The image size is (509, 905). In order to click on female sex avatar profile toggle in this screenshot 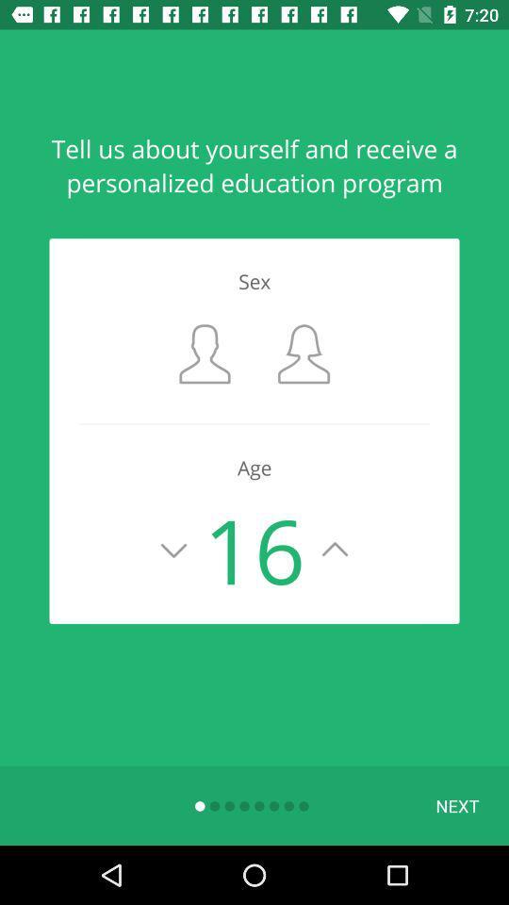, I will do `click(304, 353)`.